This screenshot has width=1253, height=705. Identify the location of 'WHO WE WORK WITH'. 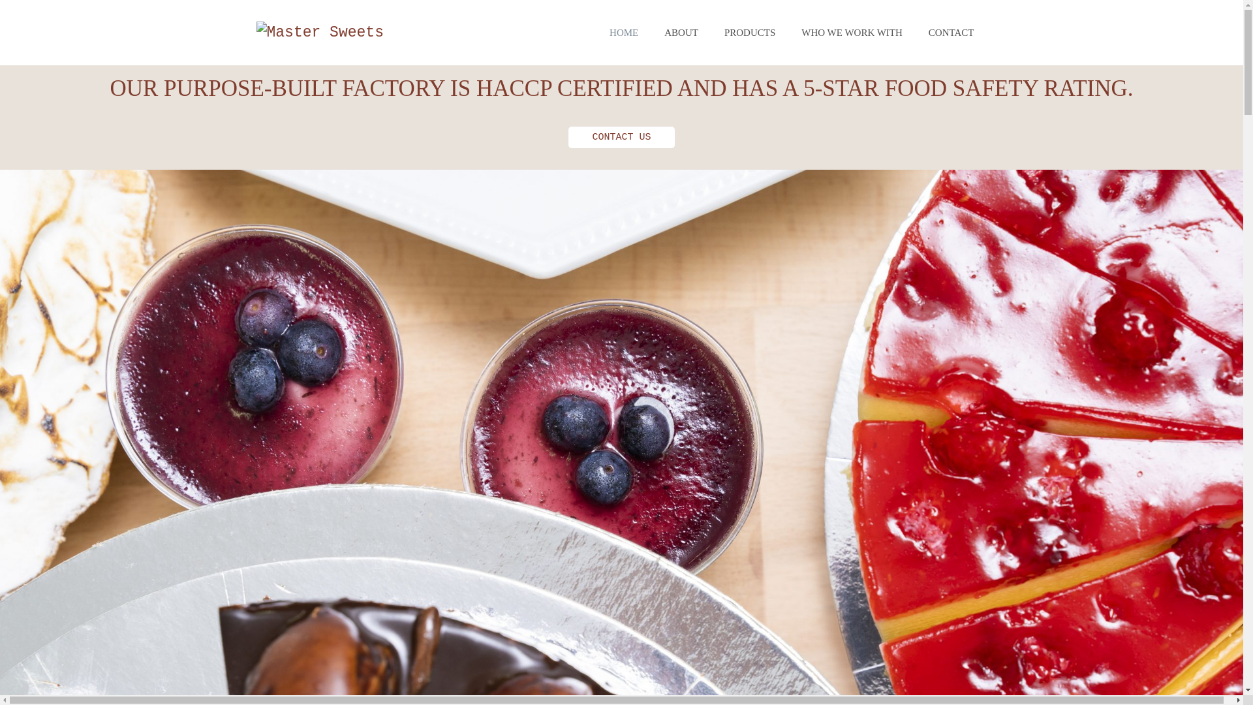
(852, 32).